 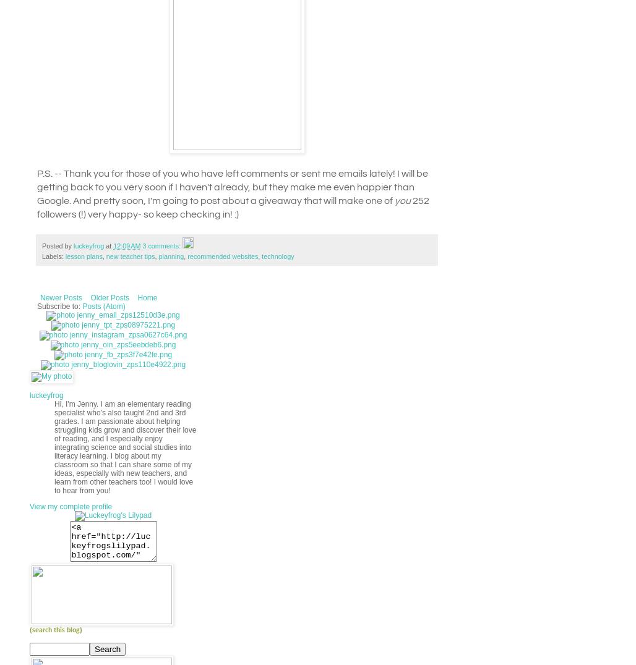 What do you see at coordinates (403, 200) in the screenshot?
I see `'you'` at bounding box center [403, 200].